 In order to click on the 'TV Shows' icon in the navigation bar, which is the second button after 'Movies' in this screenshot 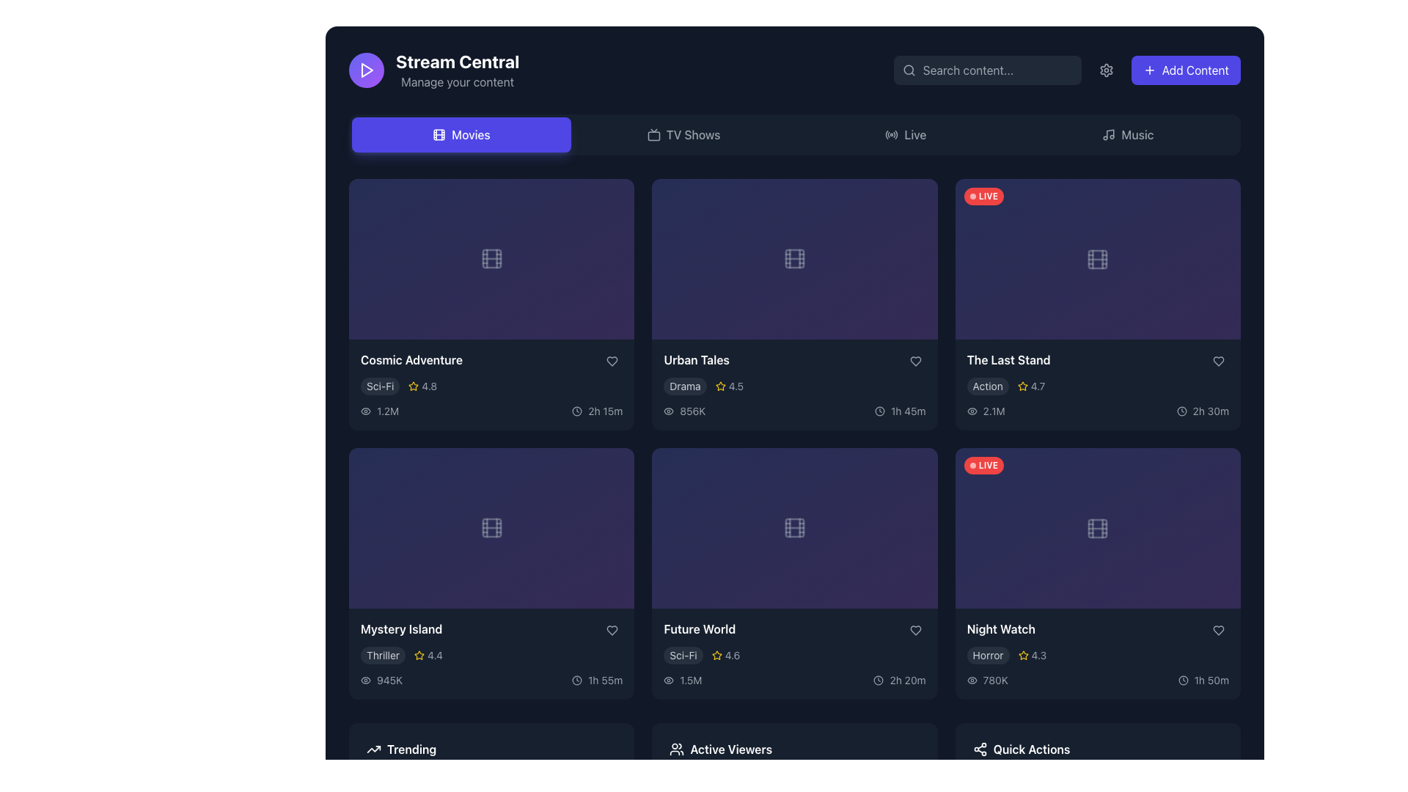, I will do `click(653, 135)`.